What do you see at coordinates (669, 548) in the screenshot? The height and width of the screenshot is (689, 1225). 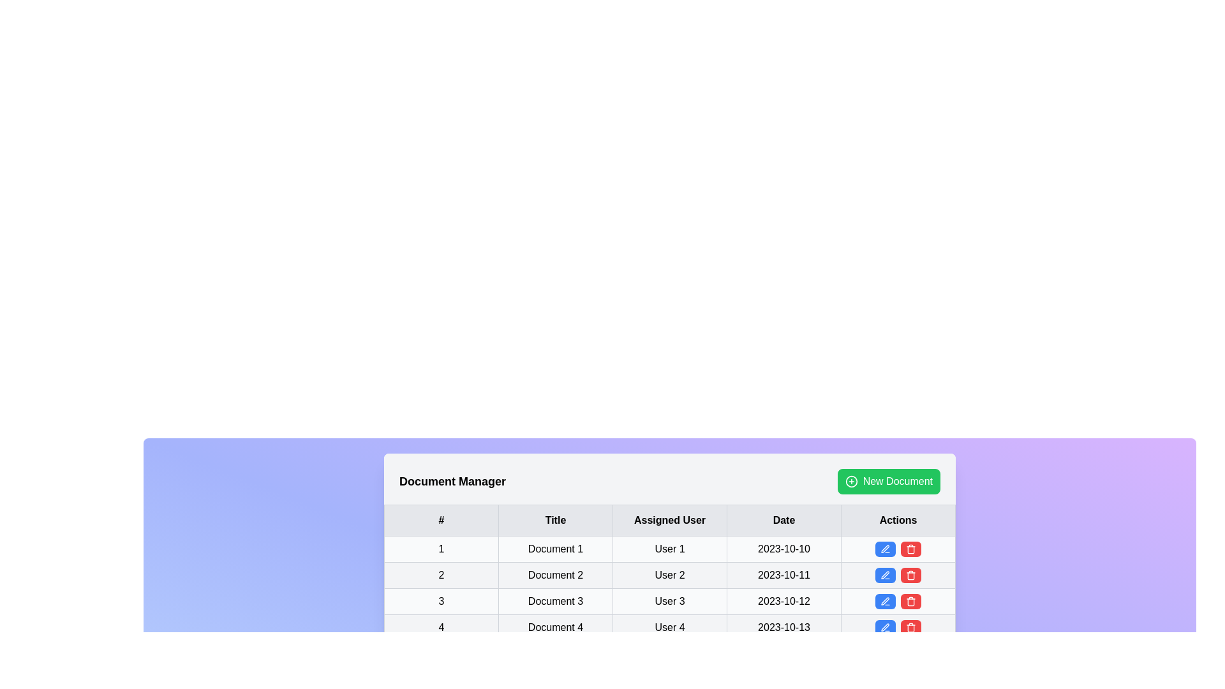 I see `the label displaying 'User 1' in the 'Assigned User' column of the 'Document Manager' table, which is a rectangular field with a light gray background and bold dark font` at bounding box center [669, 548].